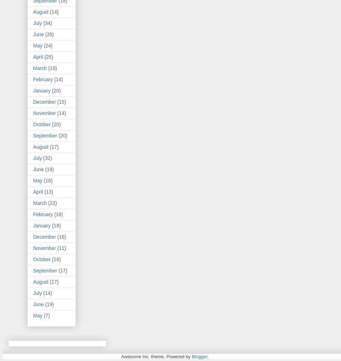 The height and width of the screenshot is (361, 341). What do you see at coordinates (42, 46) in the screenshot?
I see `'(24)'` at bounding box center [42, 46].